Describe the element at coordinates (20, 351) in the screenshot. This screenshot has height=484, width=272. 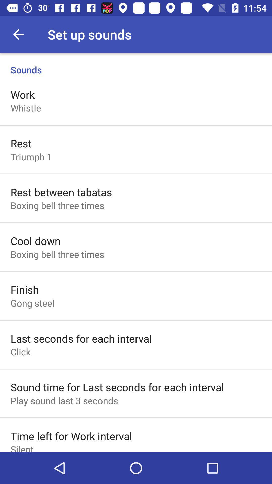
I see `item below the last seconds for item` at that location.